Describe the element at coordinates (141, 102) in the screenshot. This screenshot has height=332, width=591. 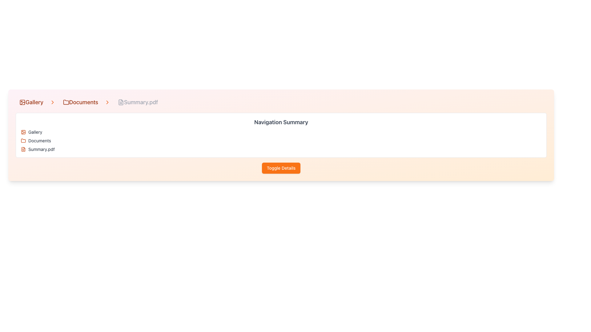
I see `the fifth static text element in the breadcrumb navigation bar, which represents the current document being viewed` at that location.